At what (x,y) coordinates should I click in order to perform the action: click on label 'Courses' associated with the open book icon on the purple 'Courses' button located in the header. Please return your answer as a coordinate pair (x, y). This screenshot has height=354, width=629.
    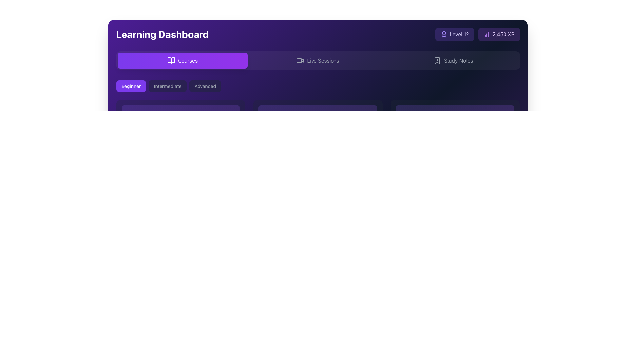
    Looking at the image, I should click on (171, 61).